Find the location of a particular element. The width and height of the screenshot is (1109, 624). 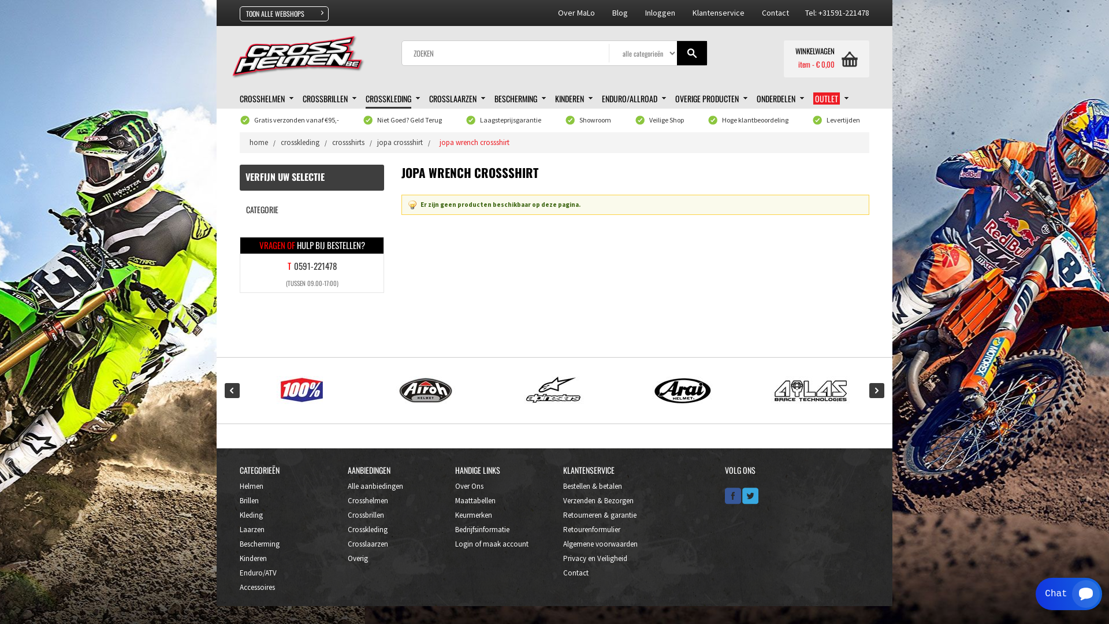

'Over MaLo' is located at coordinates (576, 13).